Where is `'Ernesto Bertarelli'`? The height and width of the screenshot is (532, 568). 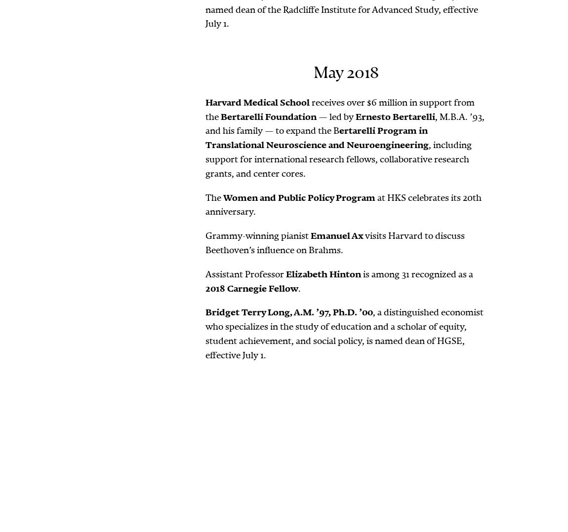
'Ernesto Bertarelli' is located at coordinates (395, 115).